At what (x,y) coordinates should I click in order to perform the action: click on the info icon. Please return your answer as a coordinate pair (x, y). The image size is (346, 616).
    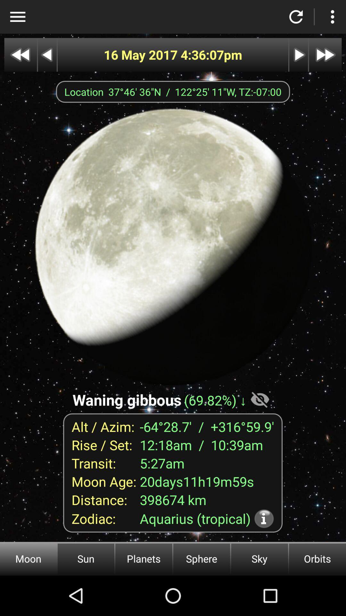
    Looking at the image, I should click on (264, 518).